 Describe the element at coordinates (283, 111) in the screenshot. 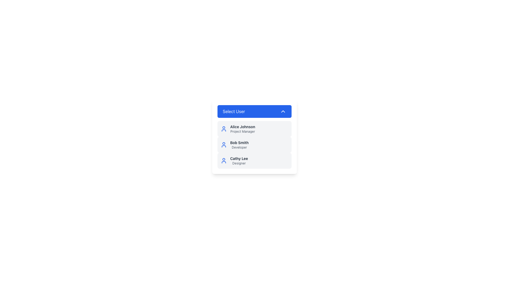

I see `the upward-pointing chevron icon with a blue background and white stroke located in the top-right corner of the 'Select User' dropdown menu` at that location.